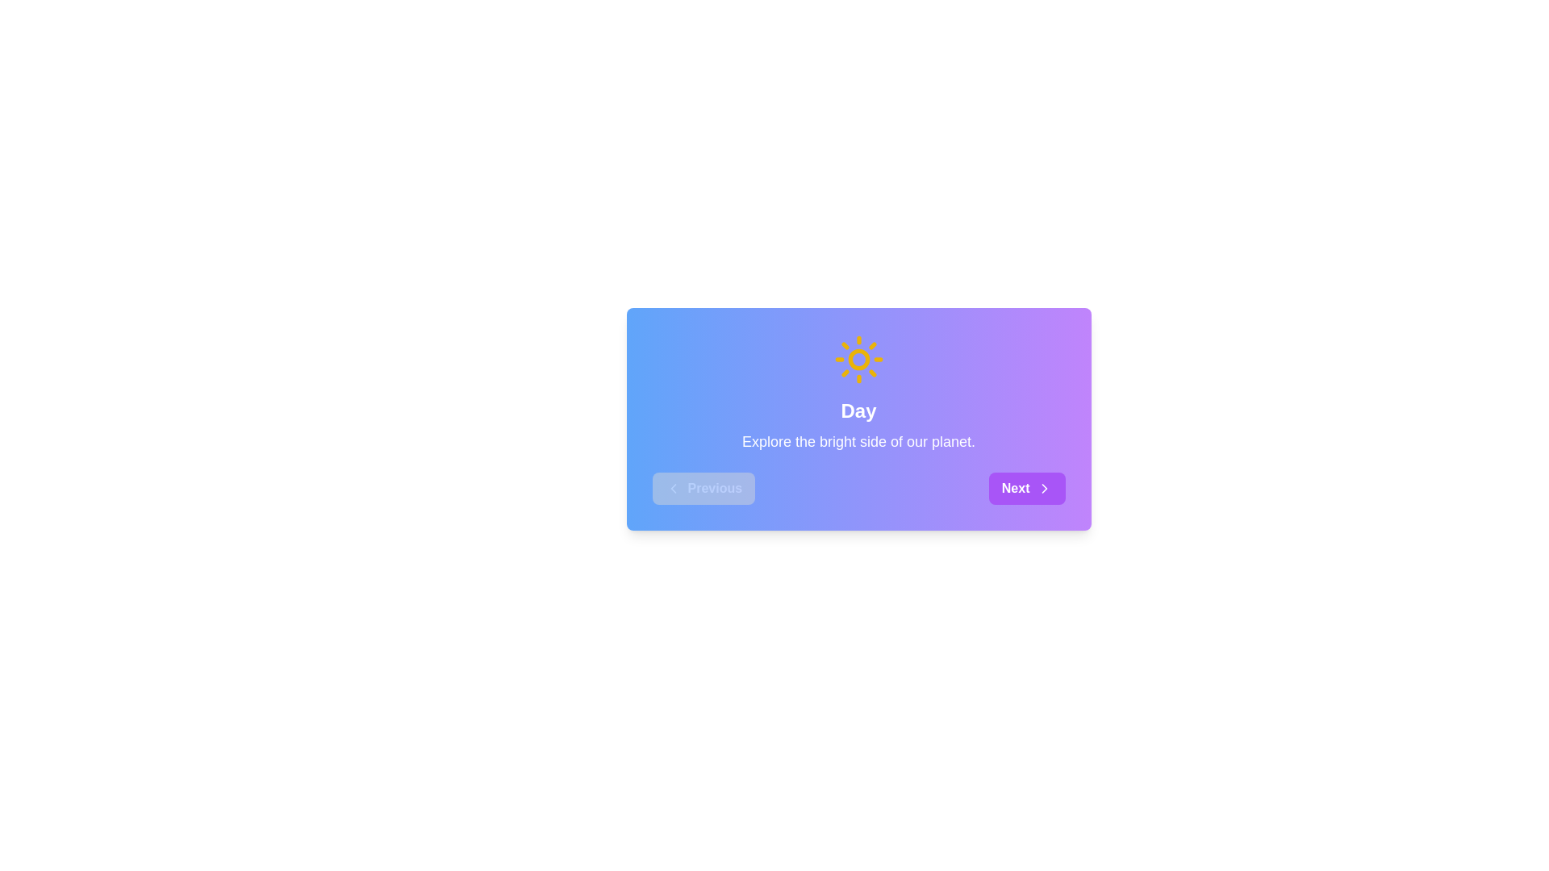 The image size is (1549, 871). Describe the element at coordinates (858, 441) in the screenshot. I see `the static text label displaying 'Explore the bright side of our planet.' which is located beneath the title text 'Day' and is center-aligned within a card layout` at that location.